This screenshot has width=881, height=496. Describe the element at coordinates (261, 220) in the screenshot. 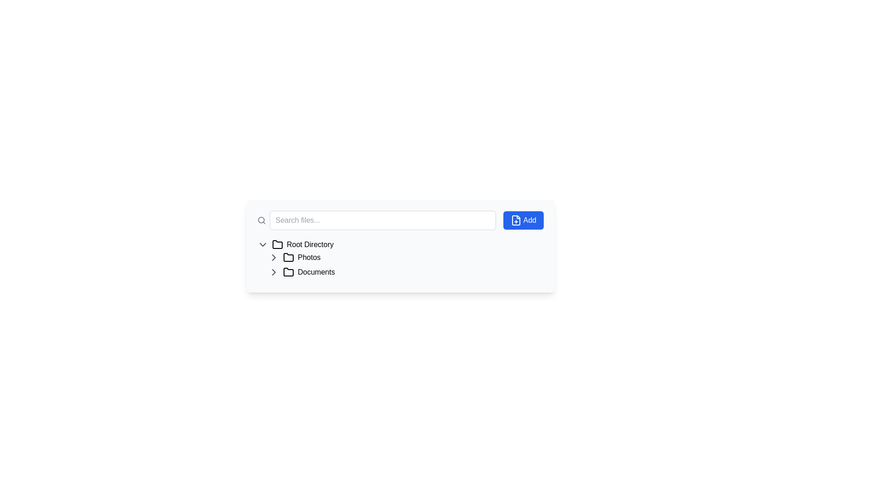

I see `the magnifying glass icon, which is positioned to the far left of the text input field labeled 'Search files...'` at that location.